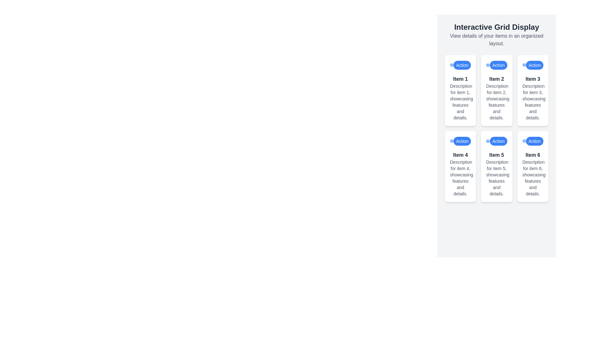 The image size is (608, 342). Describe the element at coordinates (460, 141) in the screenshot. I see `the blue button with rounded edges labeled 'Action' to initiate an action` at that location.